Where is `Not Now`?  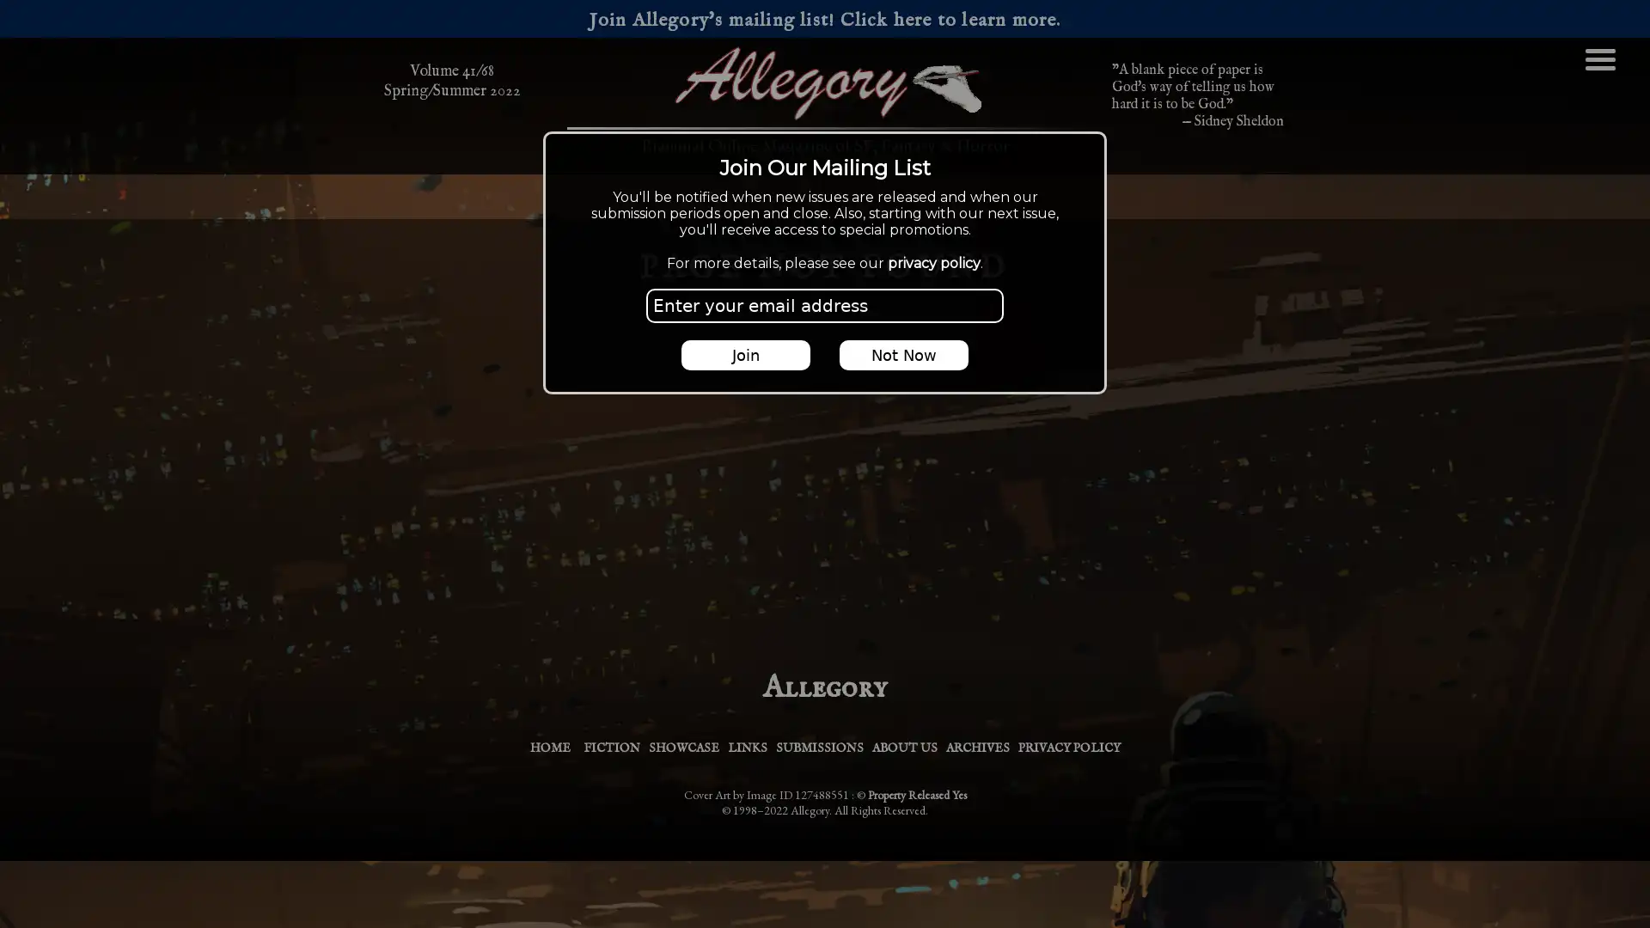
Not Now is located at coordinates (902, 354).